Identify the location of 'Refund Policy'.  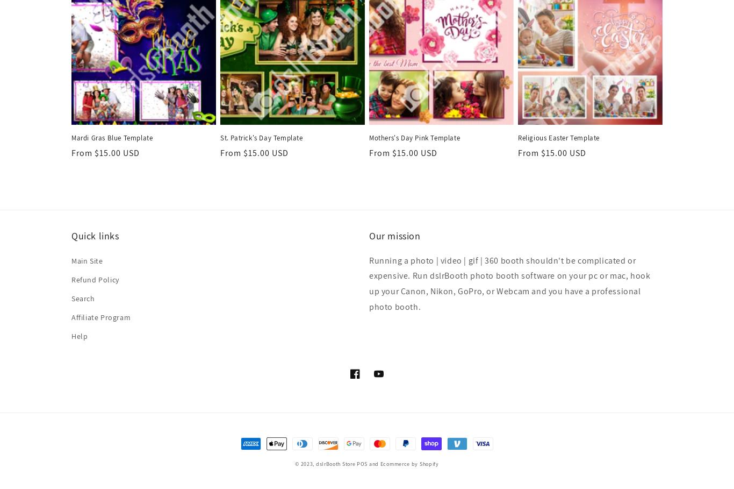
(71, 279).